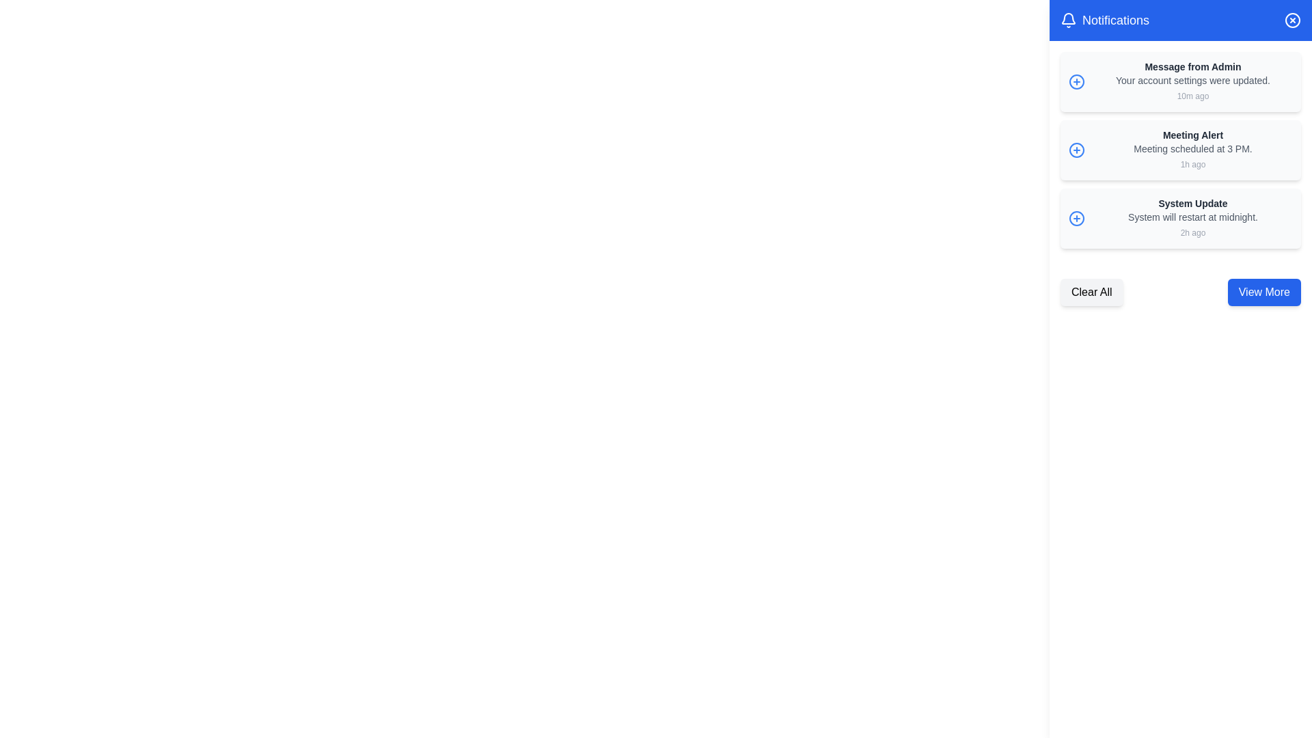 The image size is (1312, 738). Describe the element at coordinates (1180, 218) in the screenshot. I see `the third notification card in the Notifications panel, which informs the user about a system update, located below the Meeting Alert and above the Clear All and View More buttons` at that location.